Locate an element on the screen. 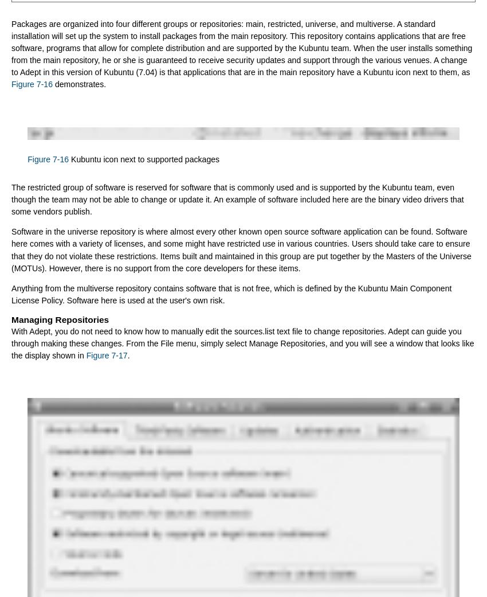 The image size is (487, 597). 'Software in the universe repository is where almost every other known open source software application can be found. Software here comes with a variety of licenses, and some might have restricted use in various countries. Users should take care to ensure that they do not violate these restrictions. Items built and maintained in this group are put together by the Masters of the Universe (MOTUs). However, there is no support from the core developers for these items.' is located at coordinates (241, 249).